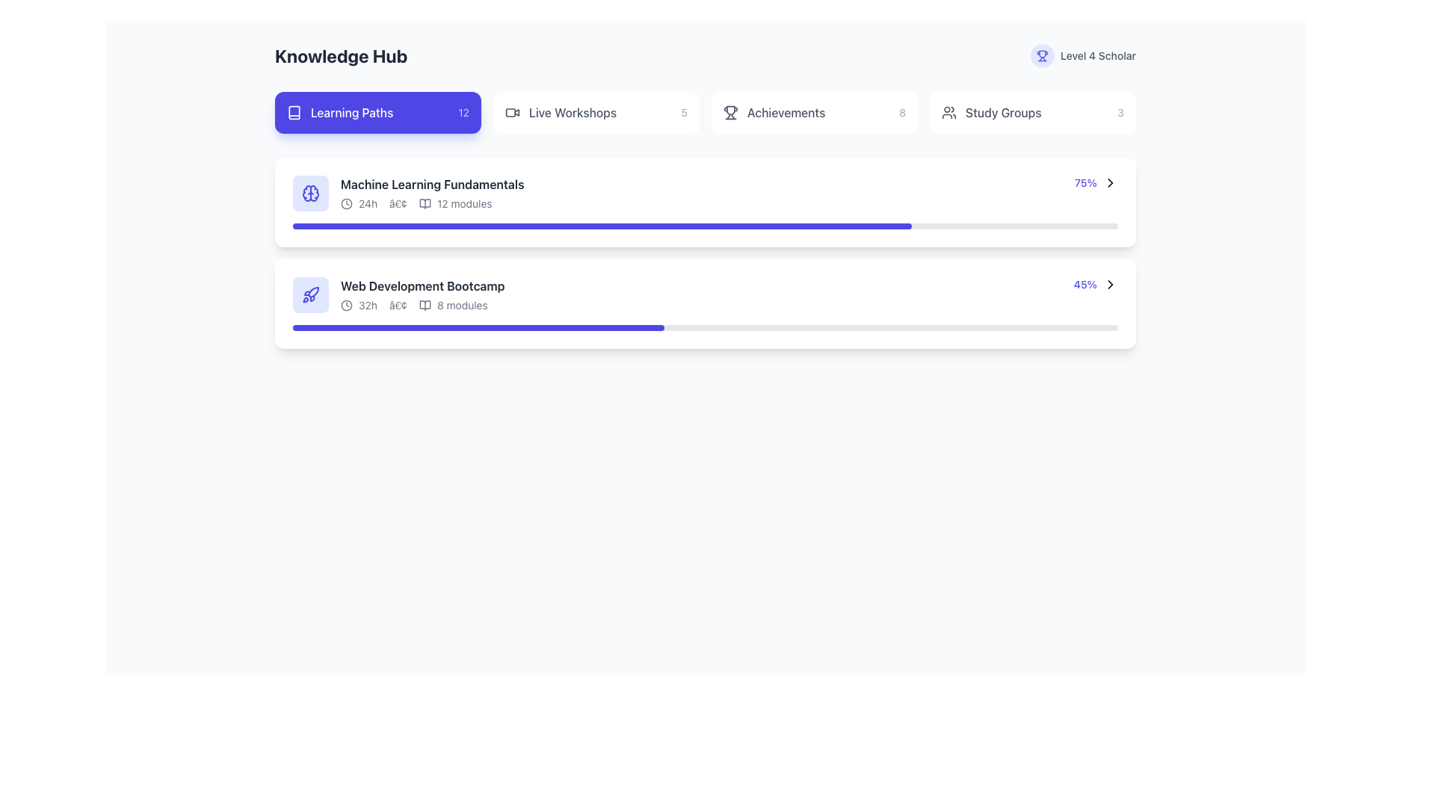 The height and width of the screenshot is (807, 1435). I want to click on text label displaying '8 modules' which is styled with a light gray font color, located in the second list item of the courses under 'Web Development Bootcamp', so click(461, 304).